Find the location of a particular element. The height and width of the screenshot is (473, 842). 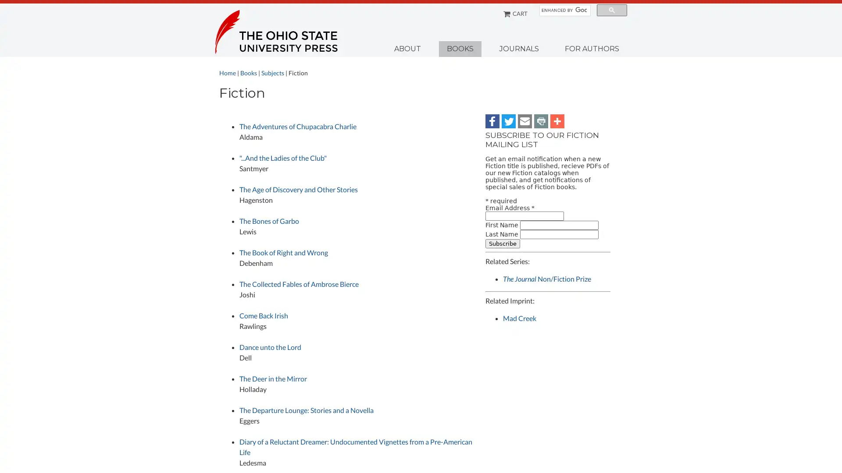

Share to More is located at coordinates (557, 121).